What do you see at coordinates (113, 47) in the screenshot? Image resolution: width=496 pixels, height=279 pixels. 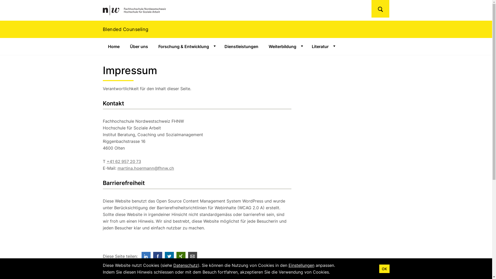 I see `'Home'` at bounding box center [113, 47].